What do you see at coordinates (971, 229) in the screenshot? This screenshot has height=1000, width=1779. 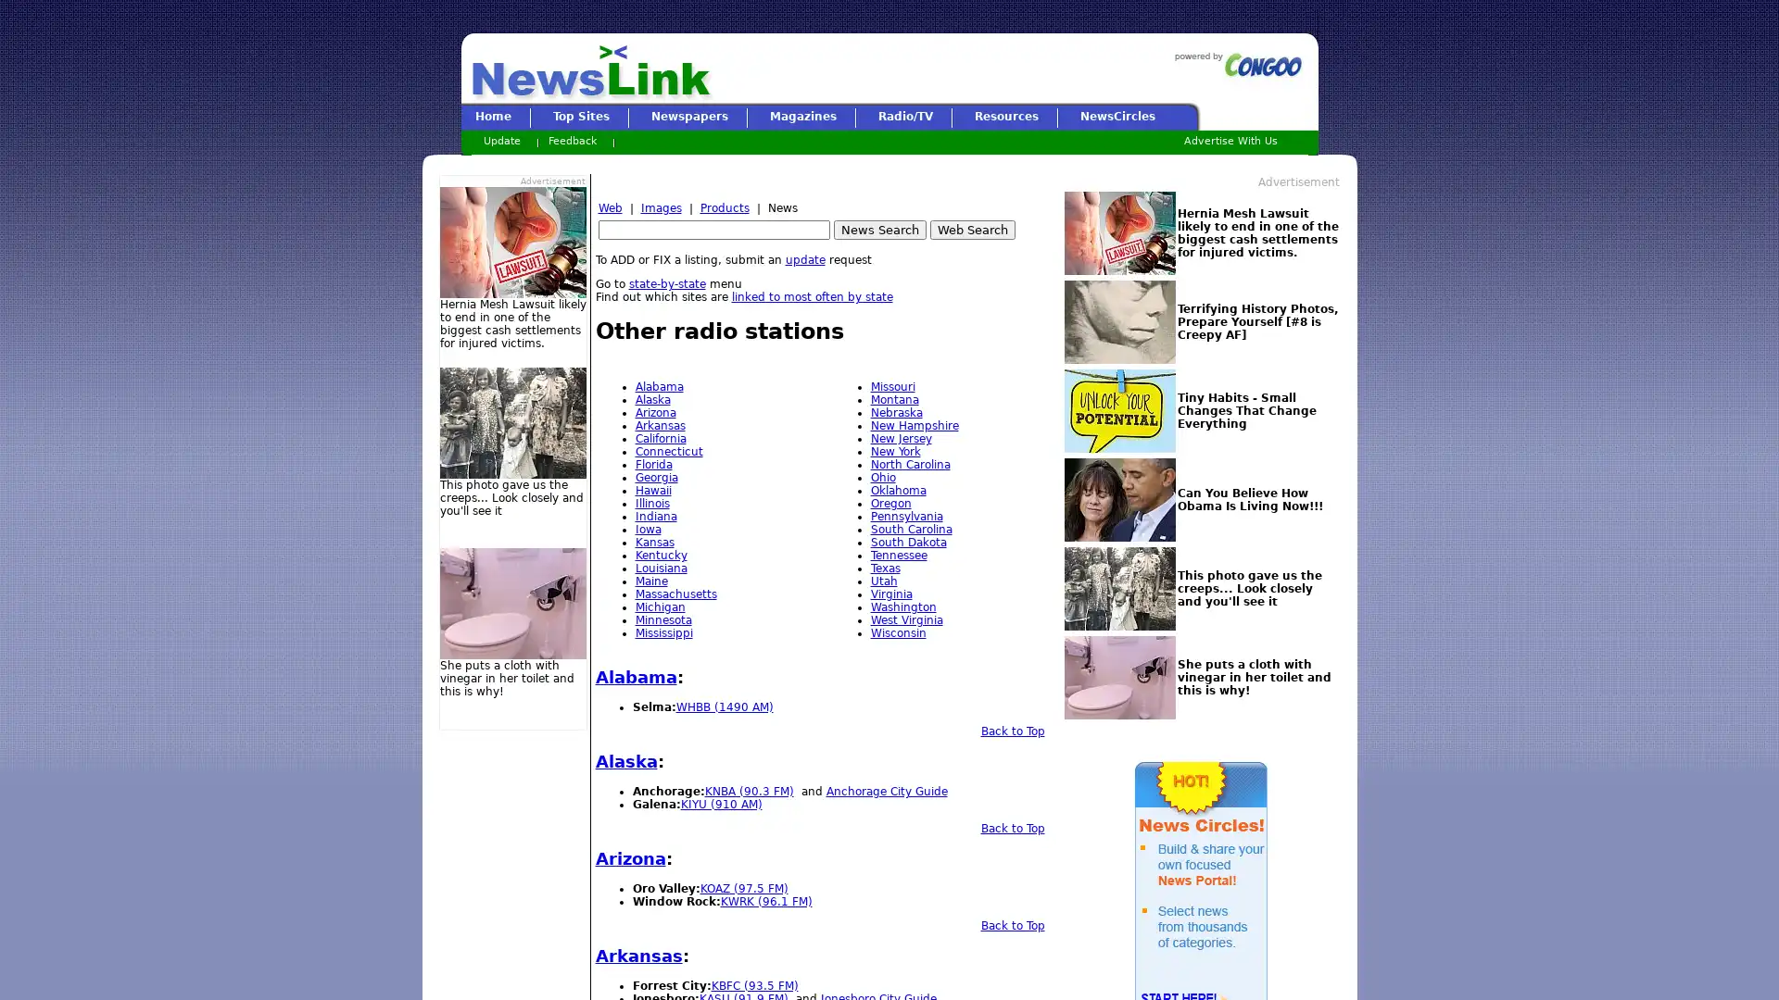 I see `Web Search` at bounding box center [971, 229].